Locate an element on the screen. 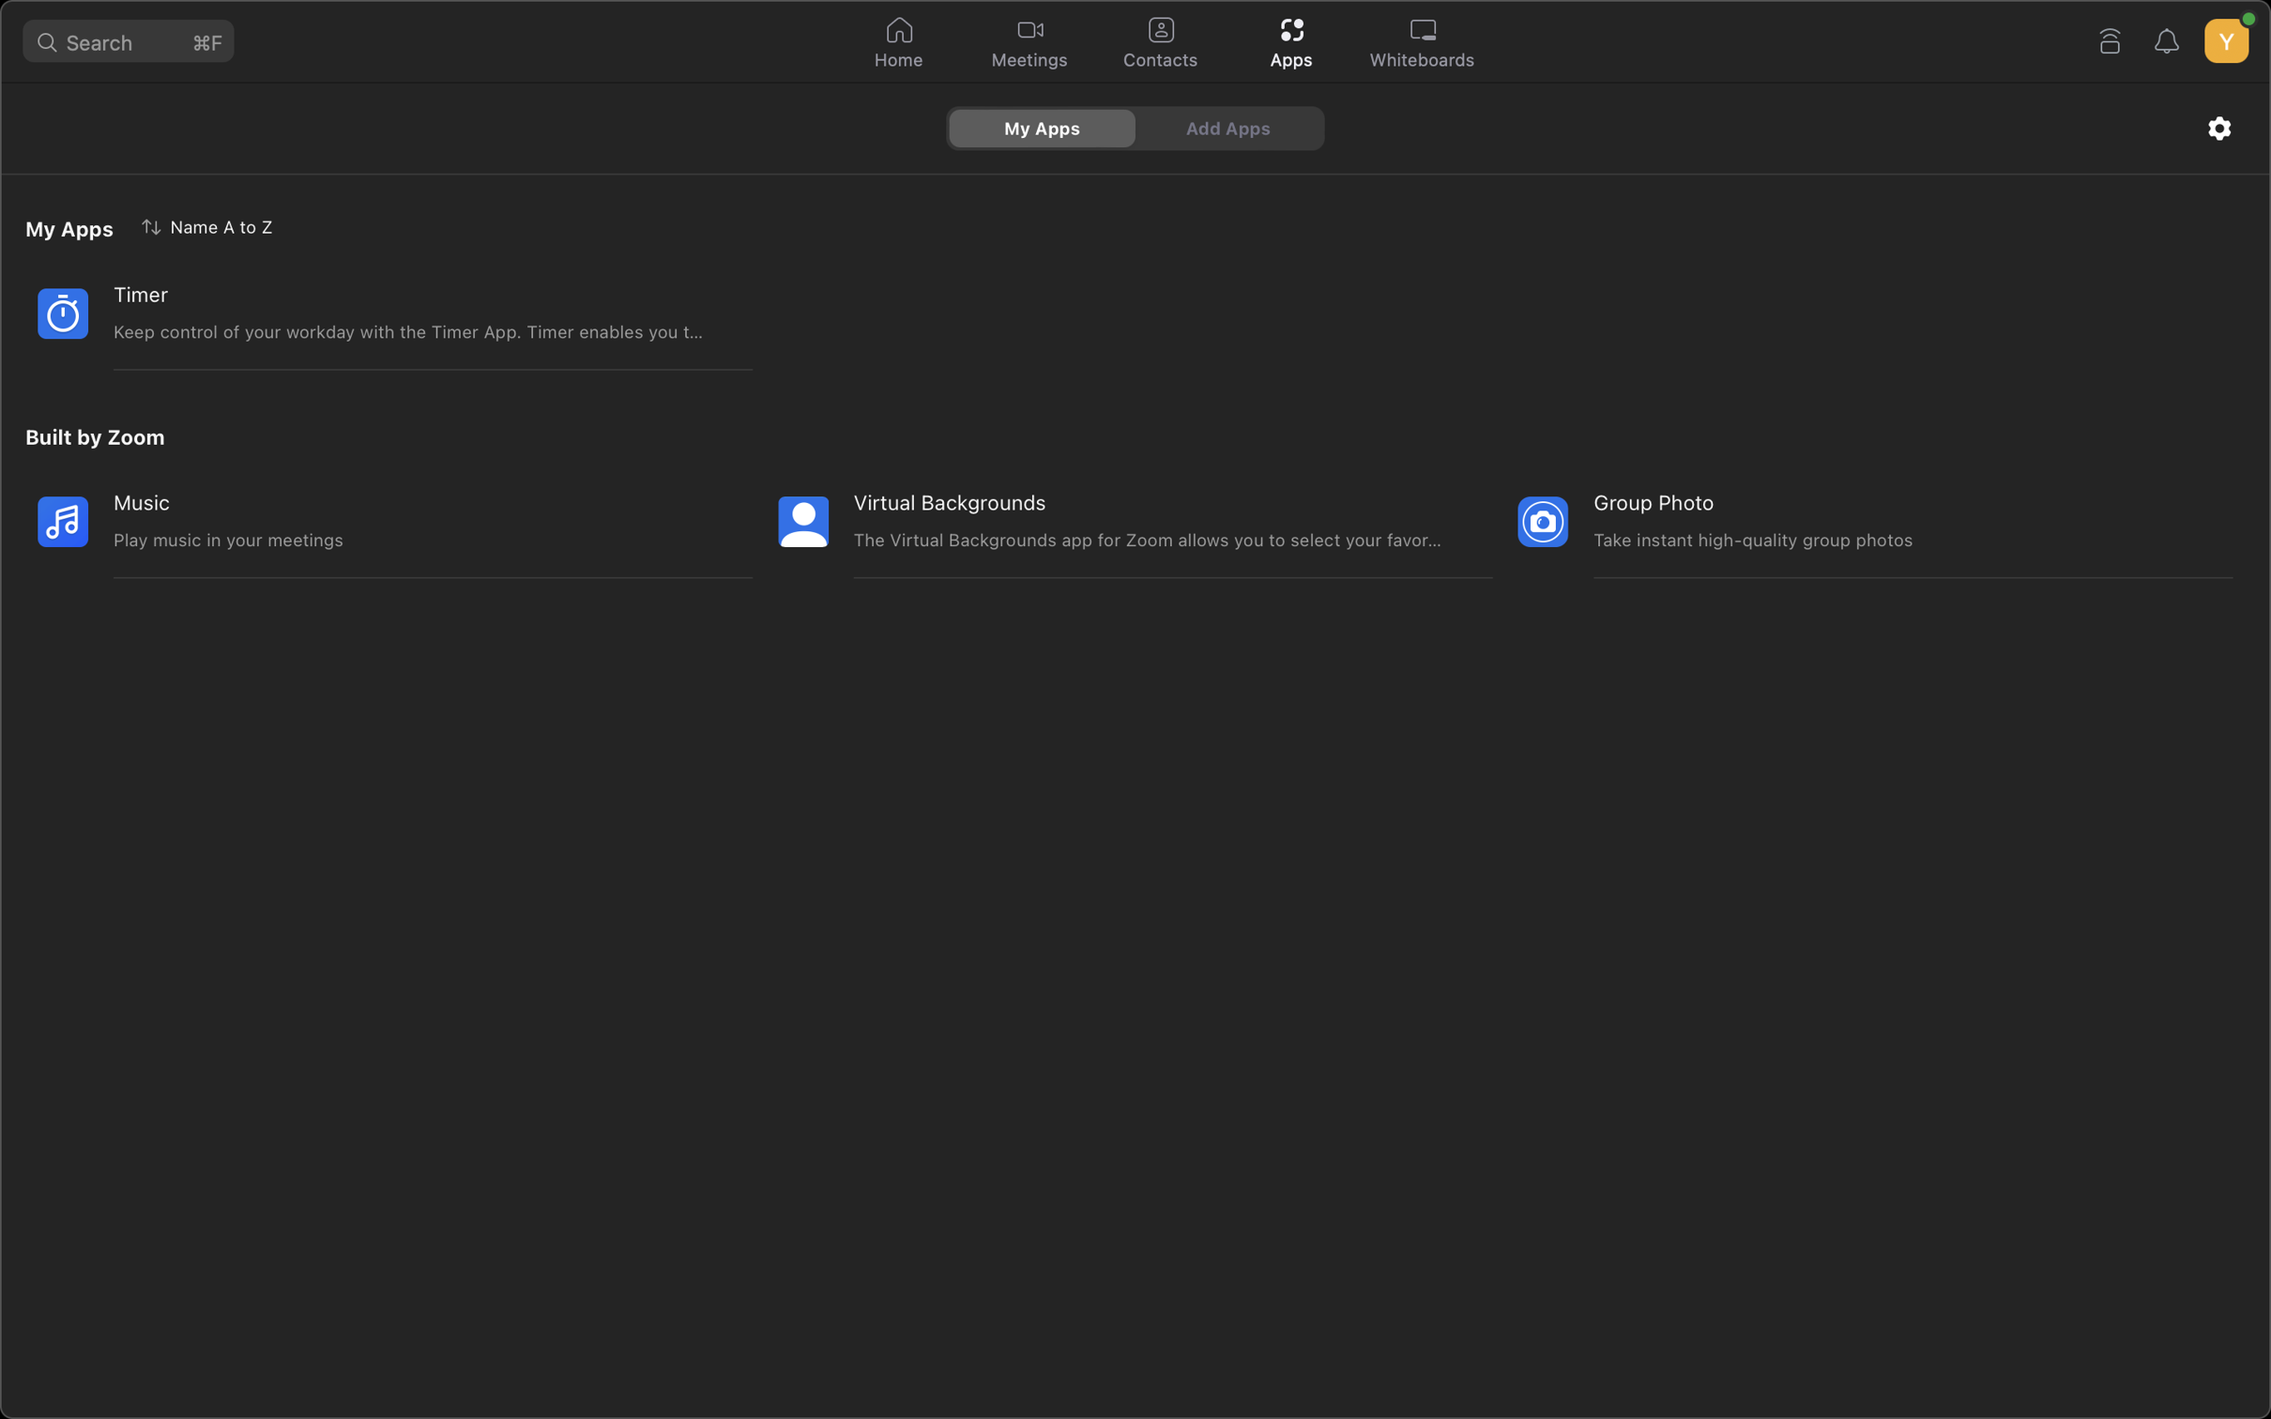 This screenshot has height=1419, width=2271. the timer application is located at coordinates (366, 313).